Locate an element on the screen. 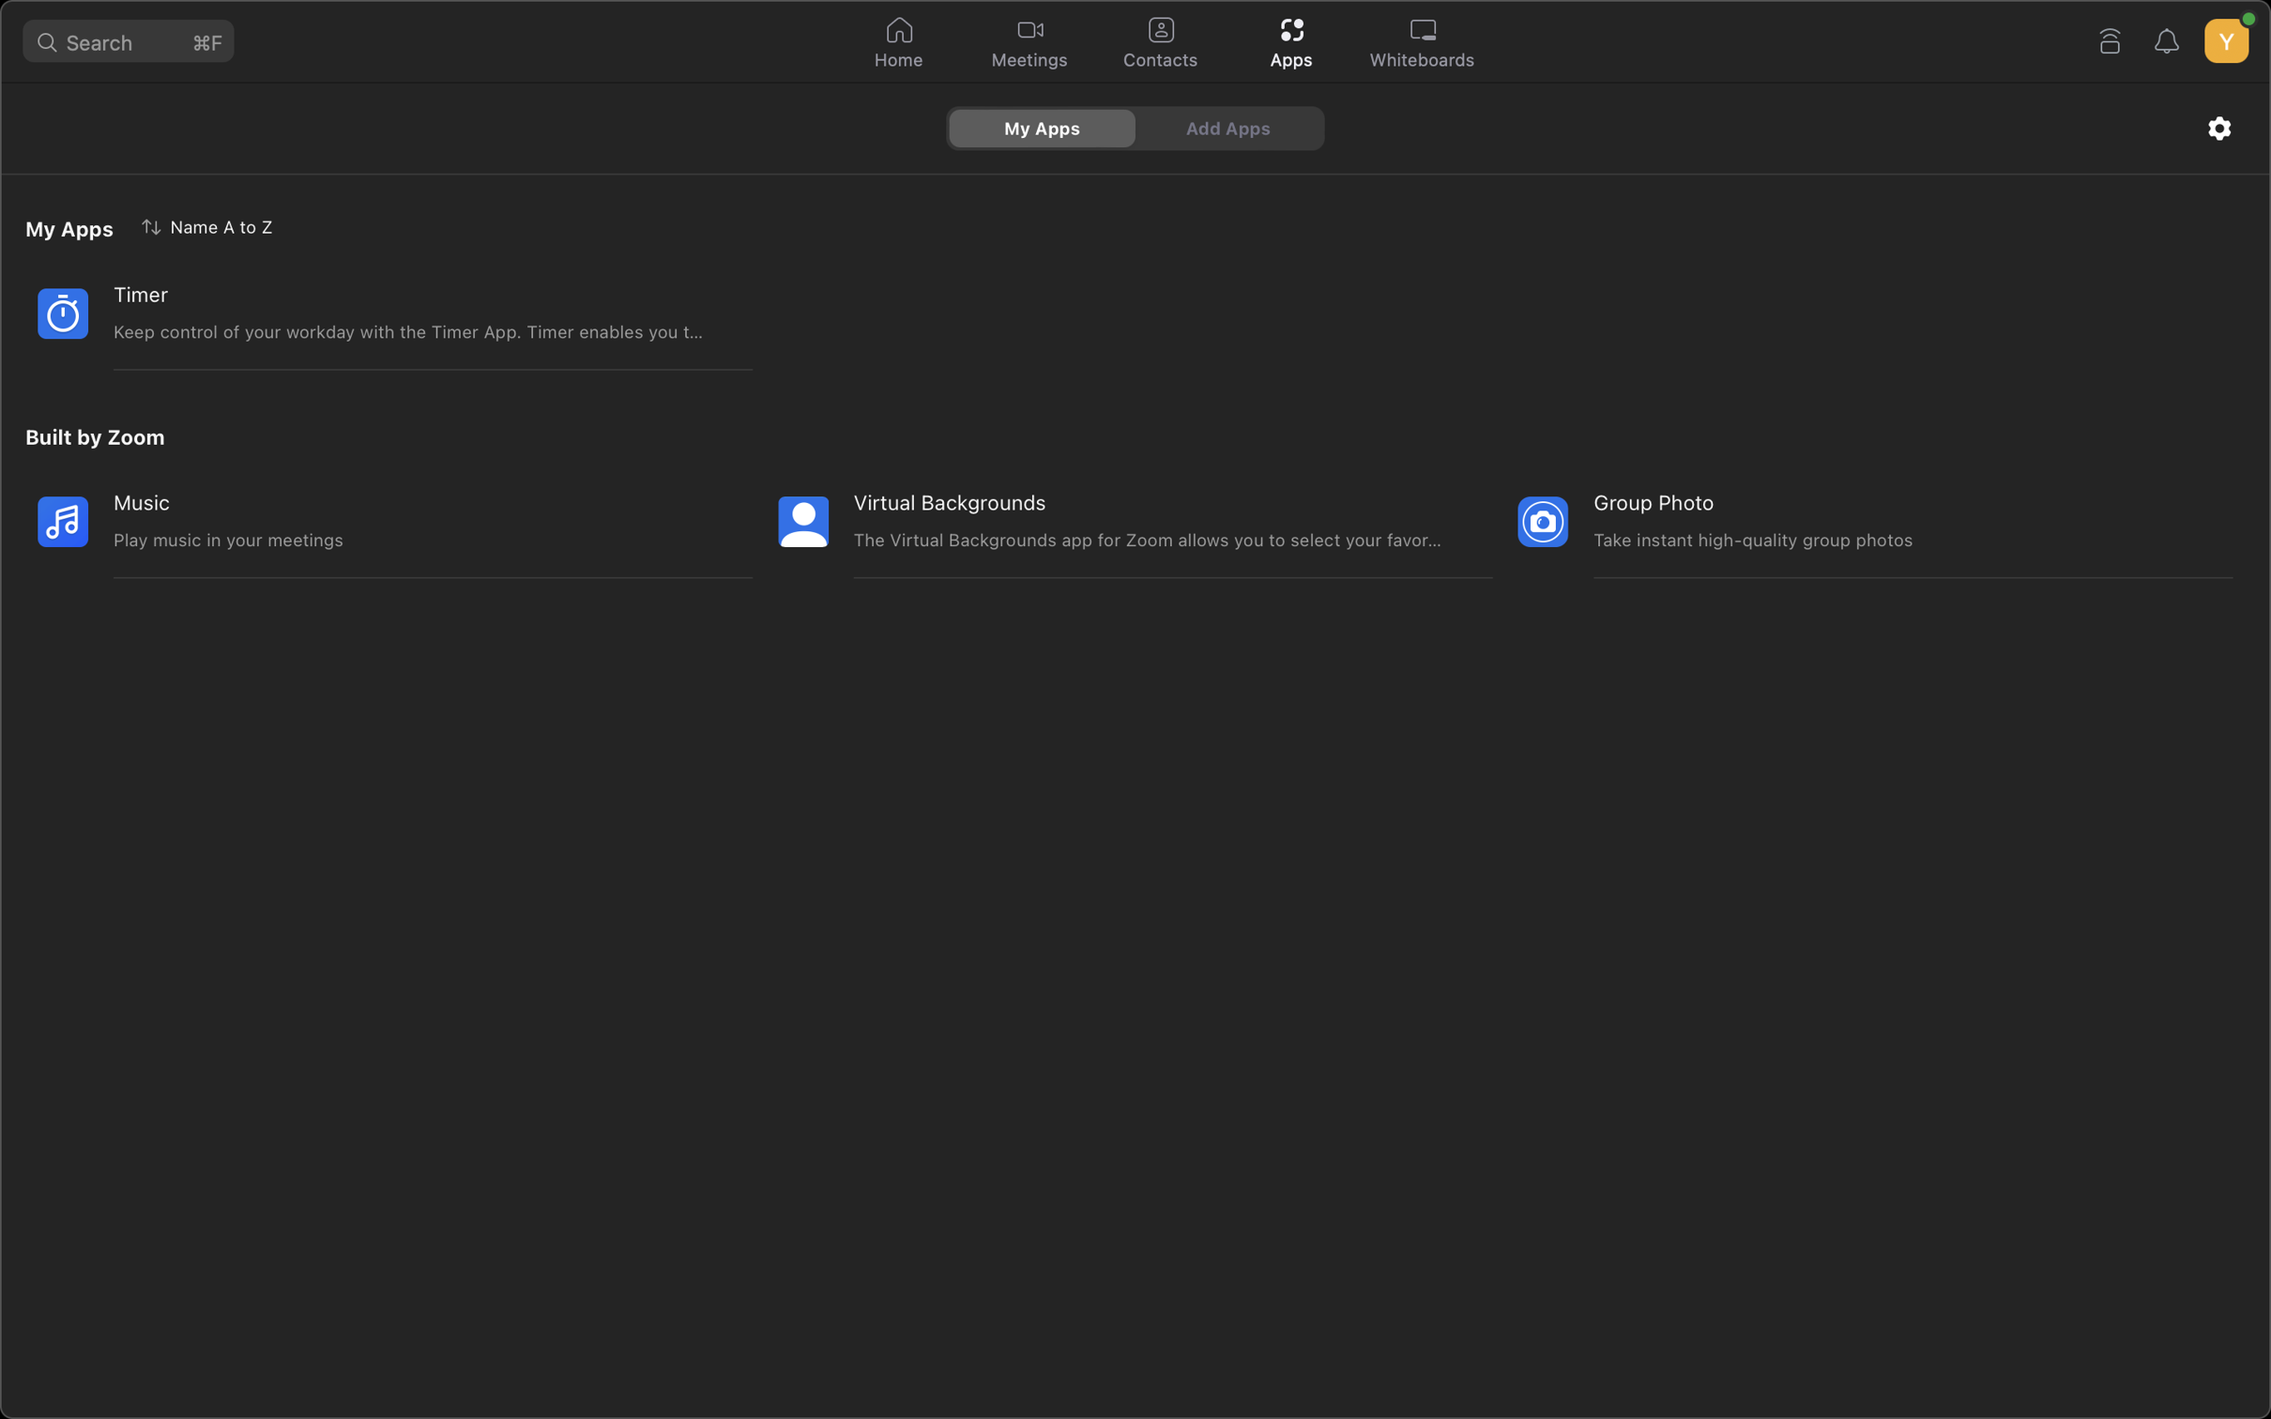 This screenshot has height=1419, width=2271. the timer application is located at coordinates (366, 313).